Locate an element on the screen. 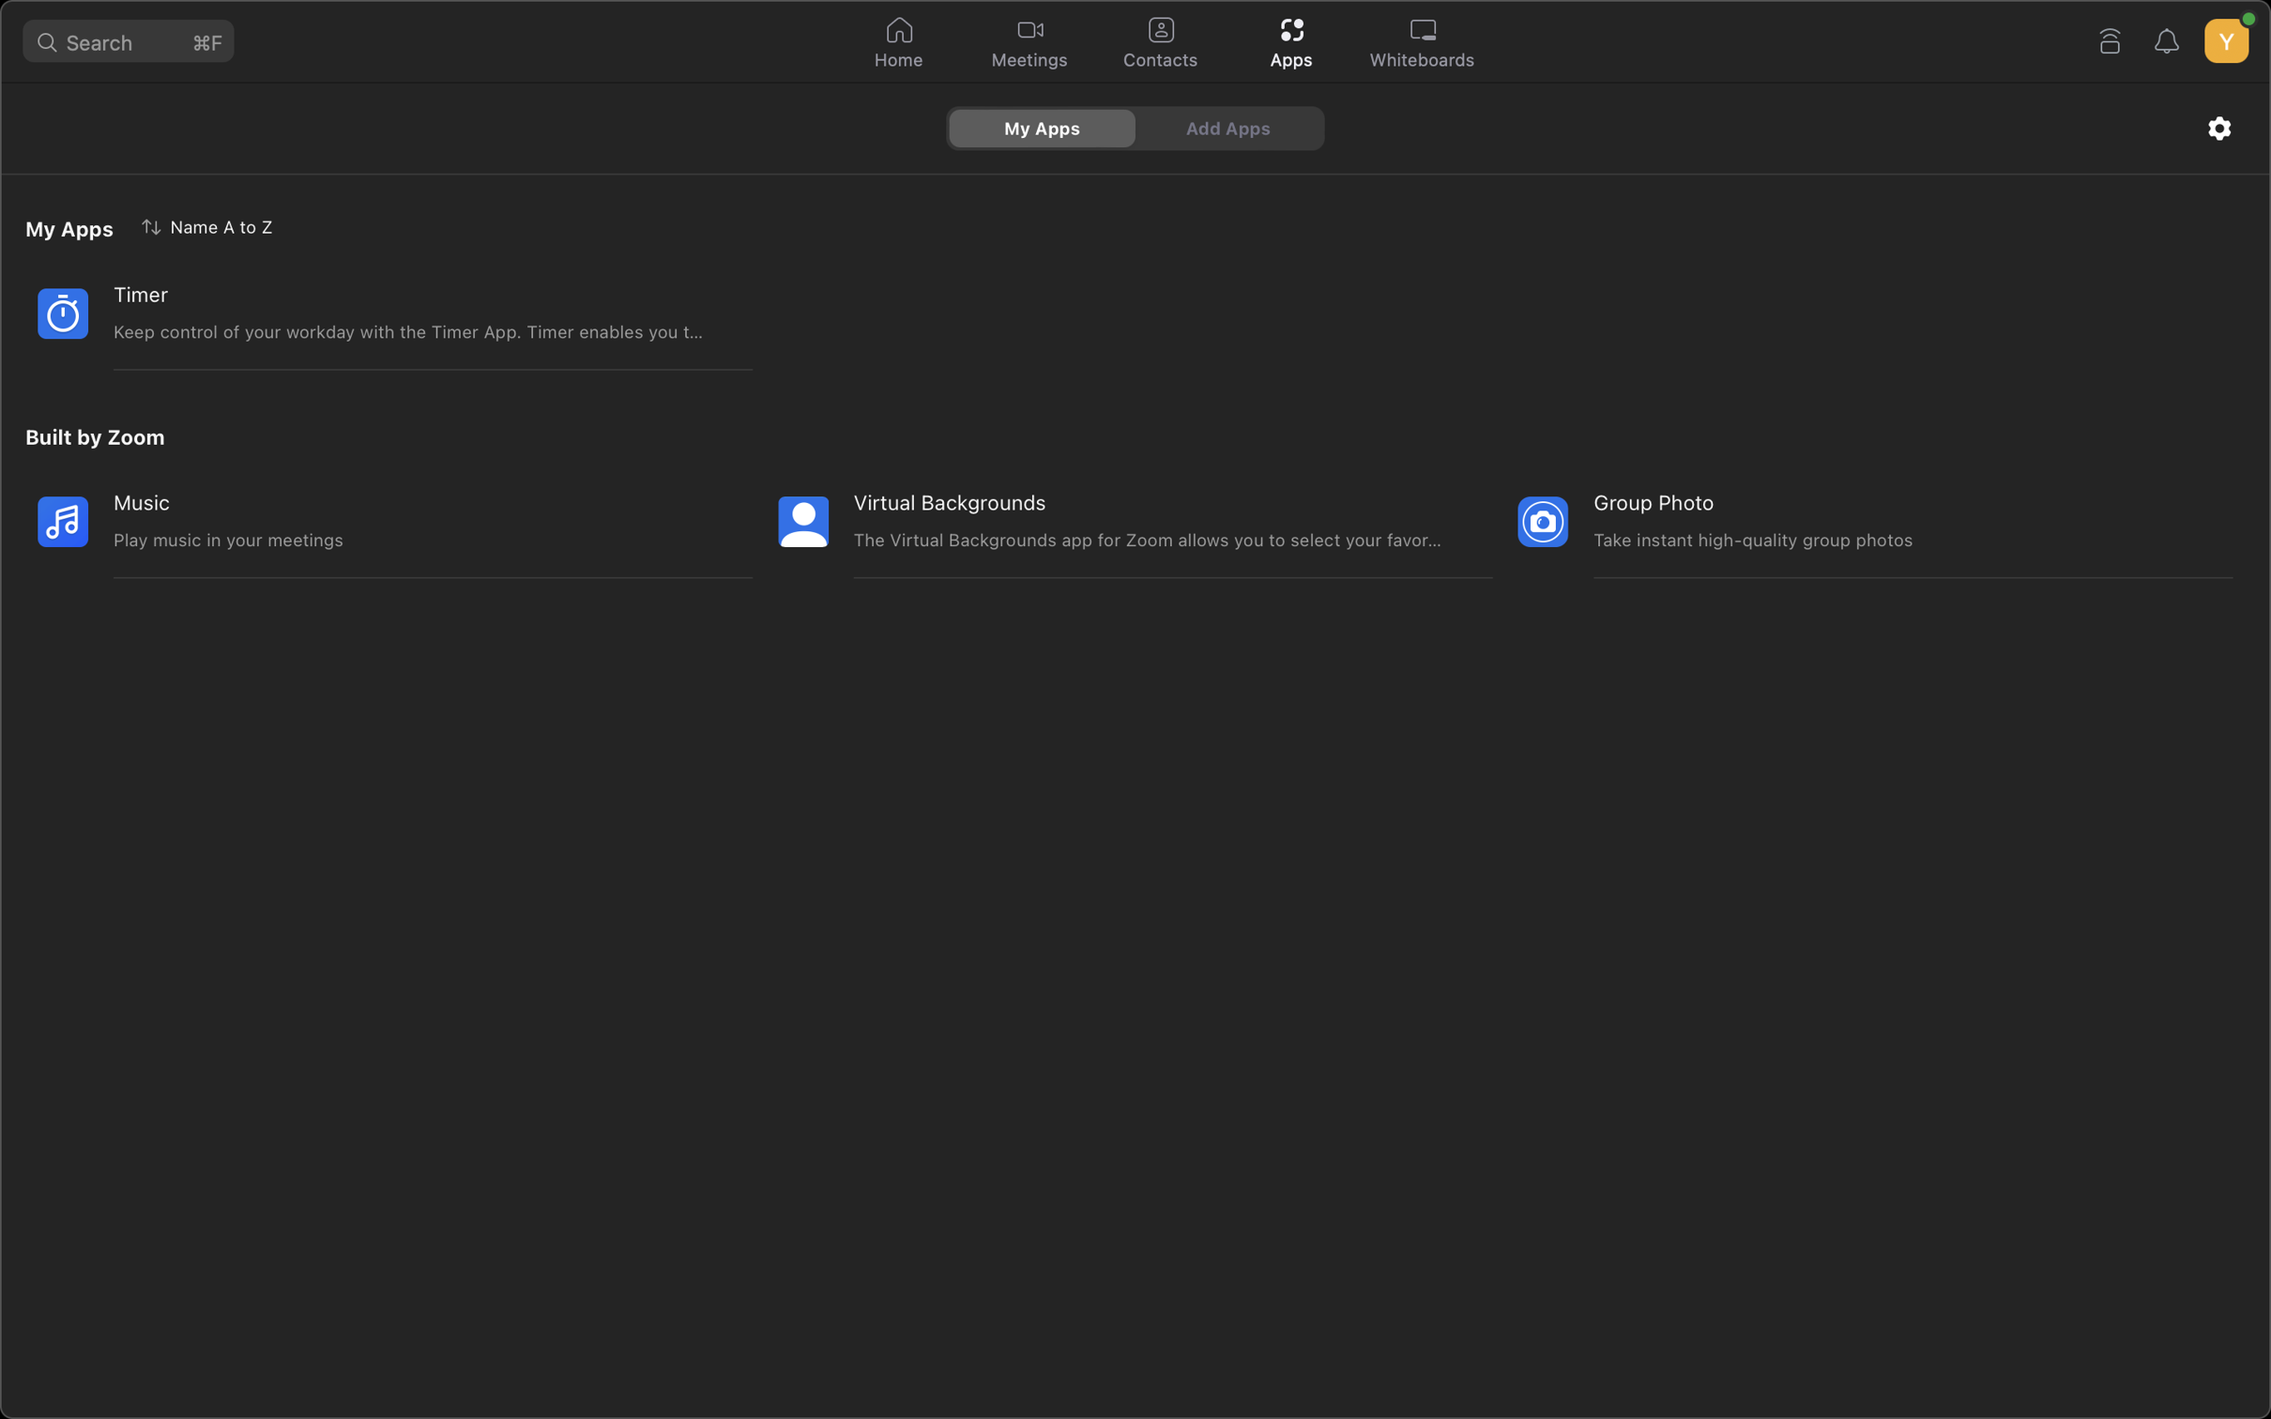 This screenshot has height=1419, width=2271. the timer application is located at coordinates (366, 313).